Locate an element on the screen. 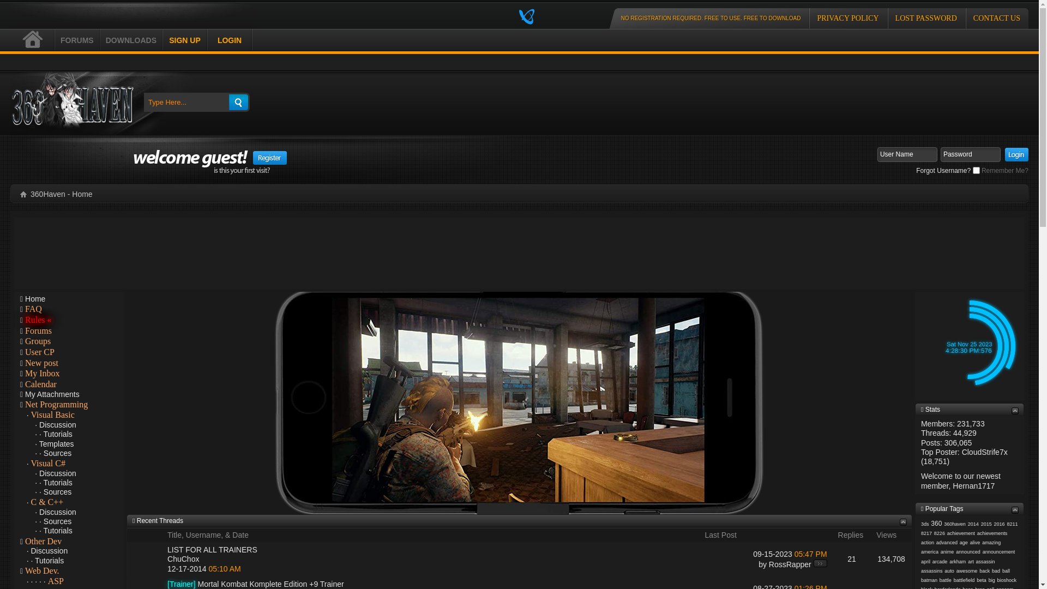 This screenshot has width=1047, height=589. 'achievements' is located at coordinates (992, 533).